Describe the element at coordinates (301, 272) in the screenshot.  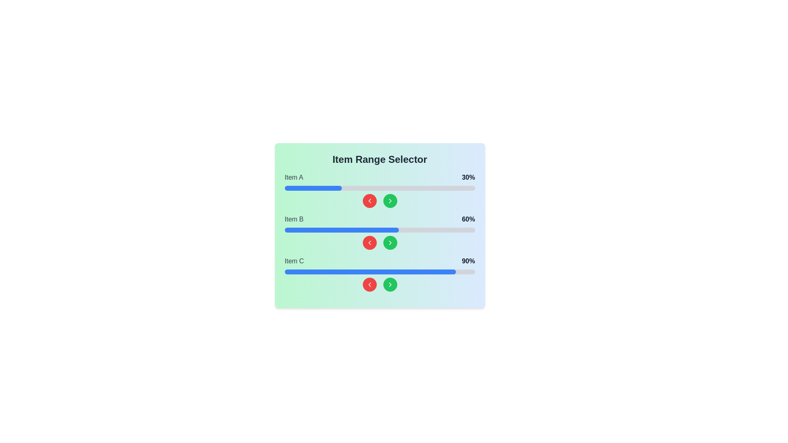
I see `the value of Item C slider` at that location.